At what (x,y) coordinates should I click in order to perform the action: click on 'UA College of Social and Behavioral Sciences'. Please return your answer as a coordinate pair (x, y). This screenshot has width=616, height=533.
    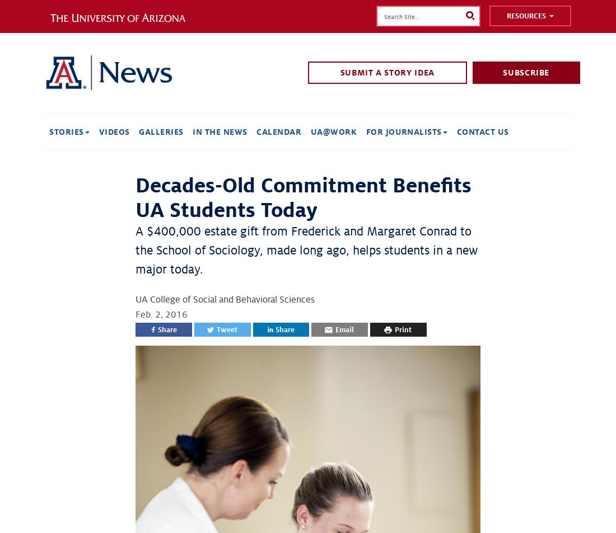
    Looking at the image, I should click on (225, 299).